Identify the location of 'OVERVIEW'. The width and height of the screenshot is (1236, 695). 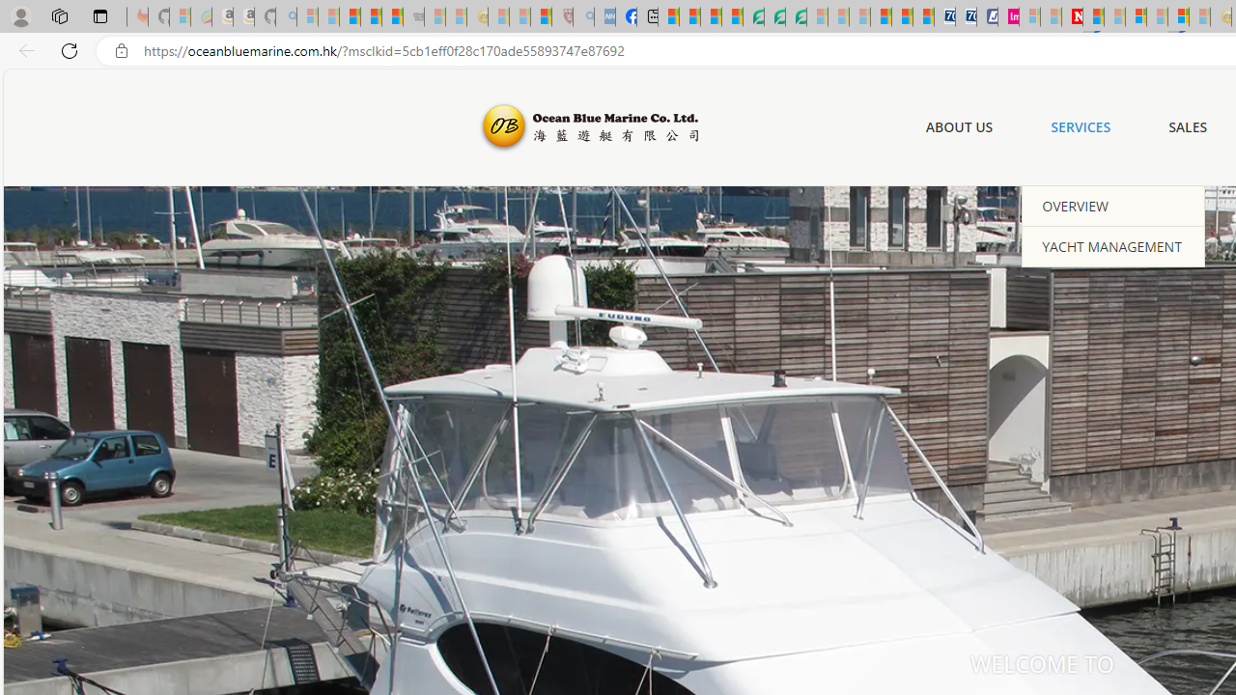
(1113, 206).